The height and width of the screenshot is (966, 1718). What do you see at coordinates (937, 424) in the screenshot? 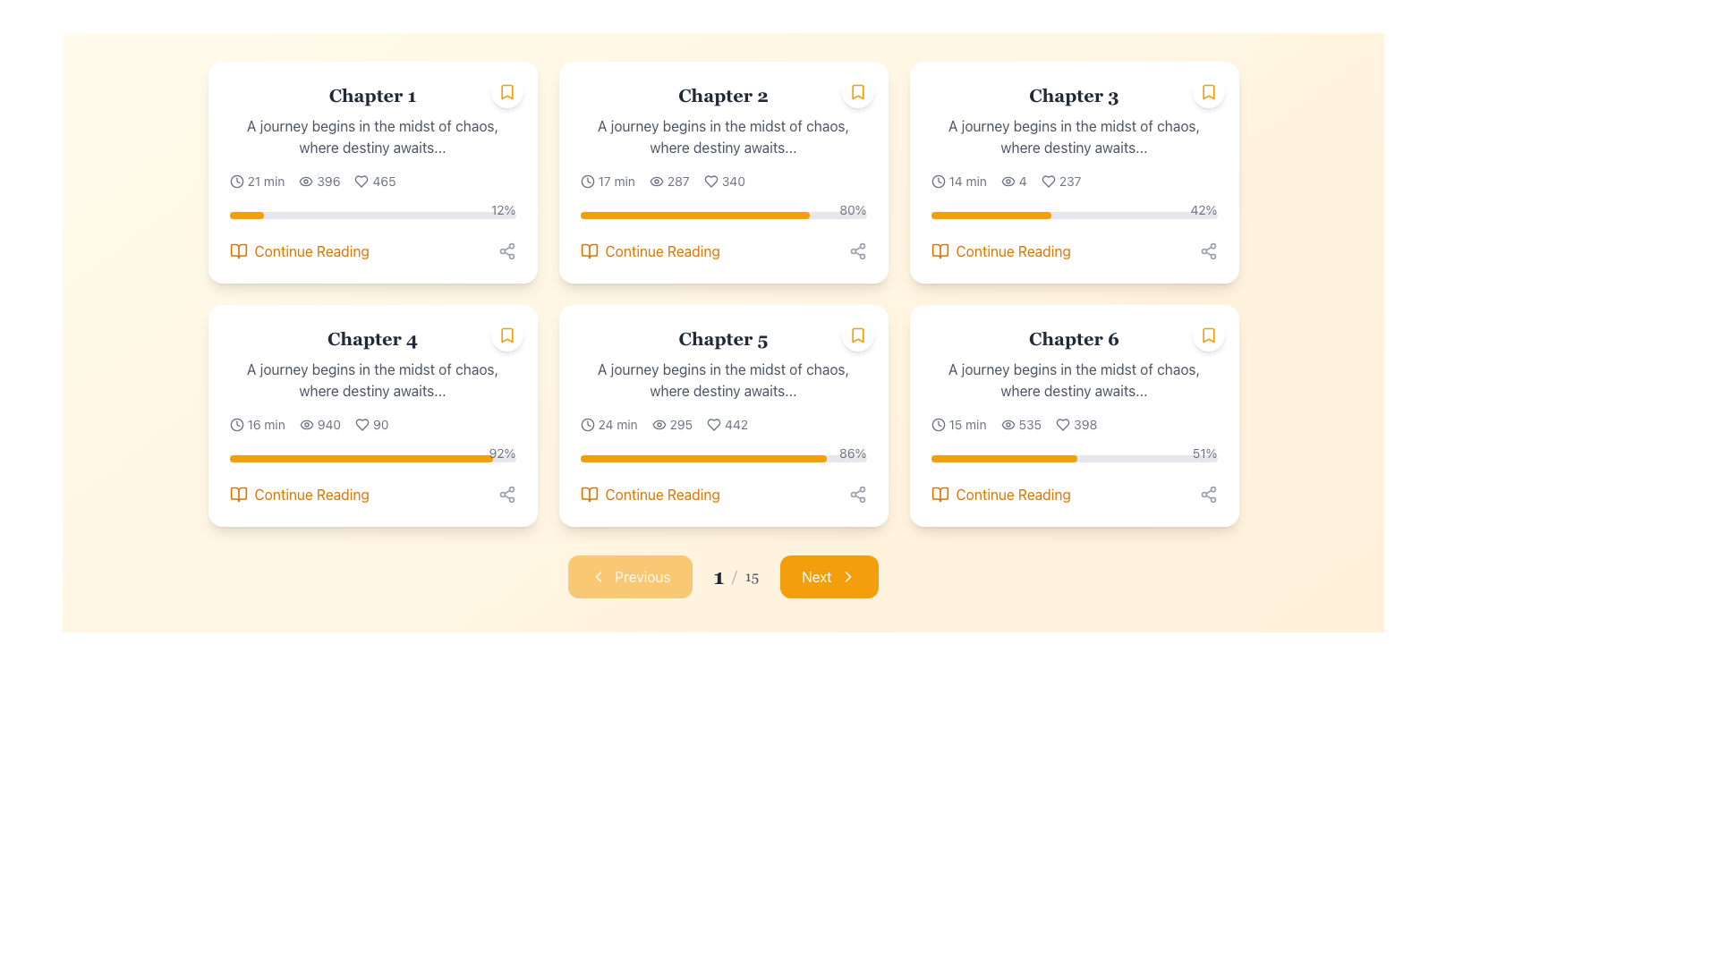
I see `the central circle of the clock icon in the 'Chapter 6' card, which visually represents the estimated reading time of '15 min'` at bounding box center [937, 424].